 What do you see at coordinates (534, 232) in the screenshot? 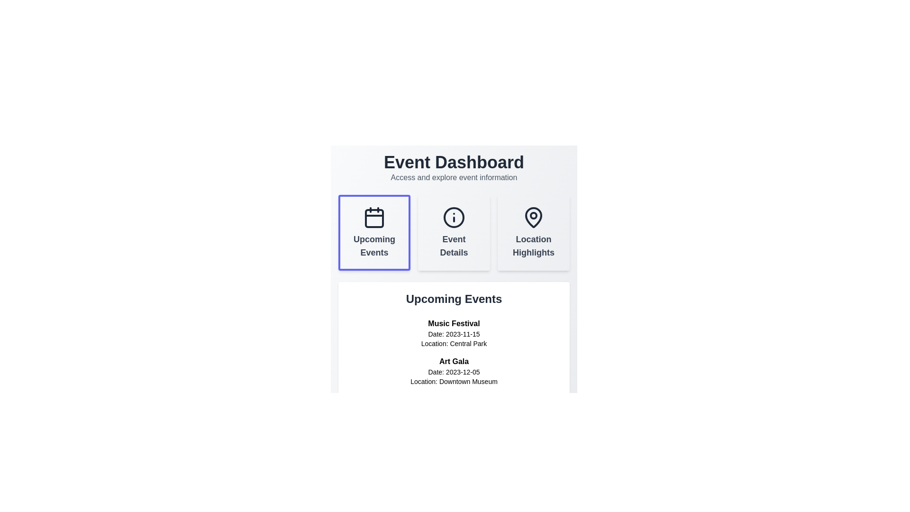
I see `the 'Location Highlights' card, which is a rounded rectangle with a map pin icon and is the third card in a horizontal grid of three cards` at bounding box center [534, 232].